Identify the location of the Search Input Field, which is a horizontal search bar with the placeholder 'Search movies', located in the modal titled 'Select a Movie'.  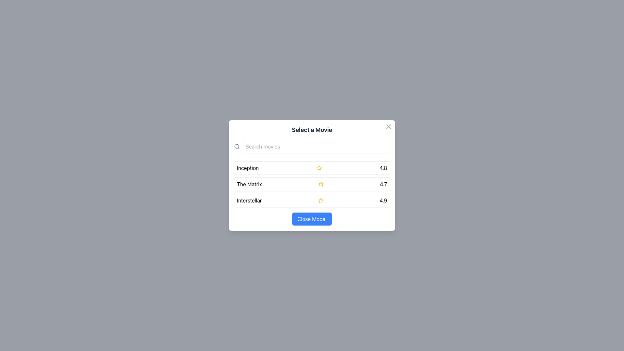
(312, 147).